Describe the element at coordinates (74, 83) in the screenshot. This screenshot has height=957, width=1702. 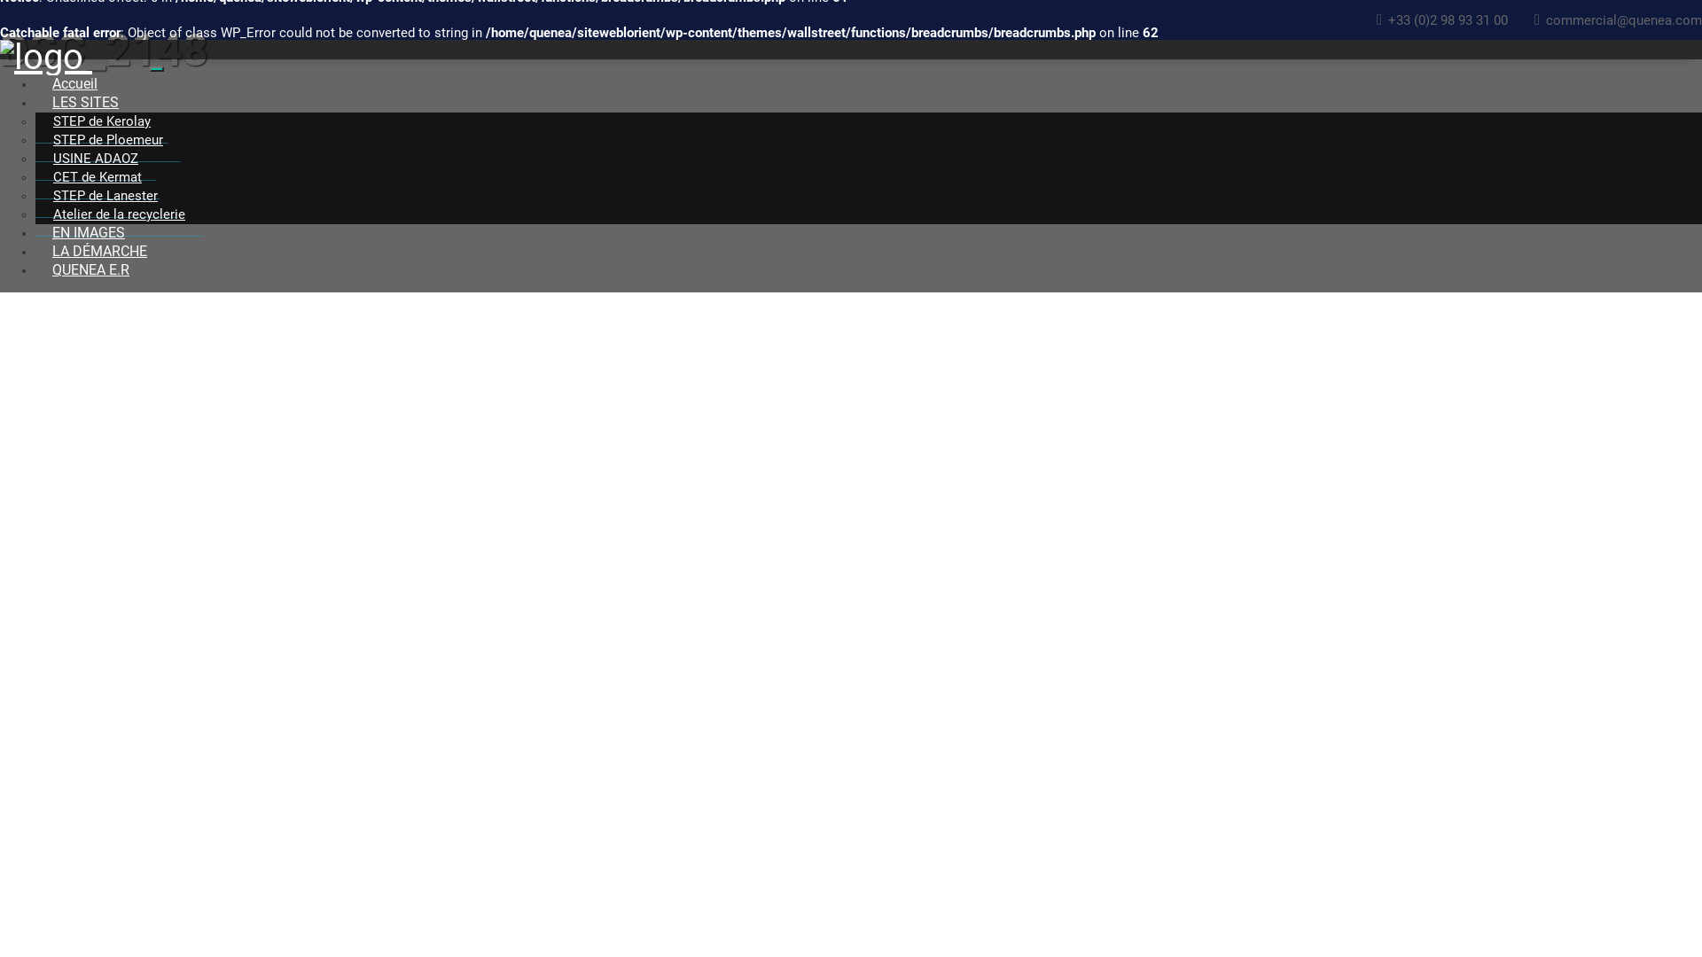
I see `'Accueil'` at that location.